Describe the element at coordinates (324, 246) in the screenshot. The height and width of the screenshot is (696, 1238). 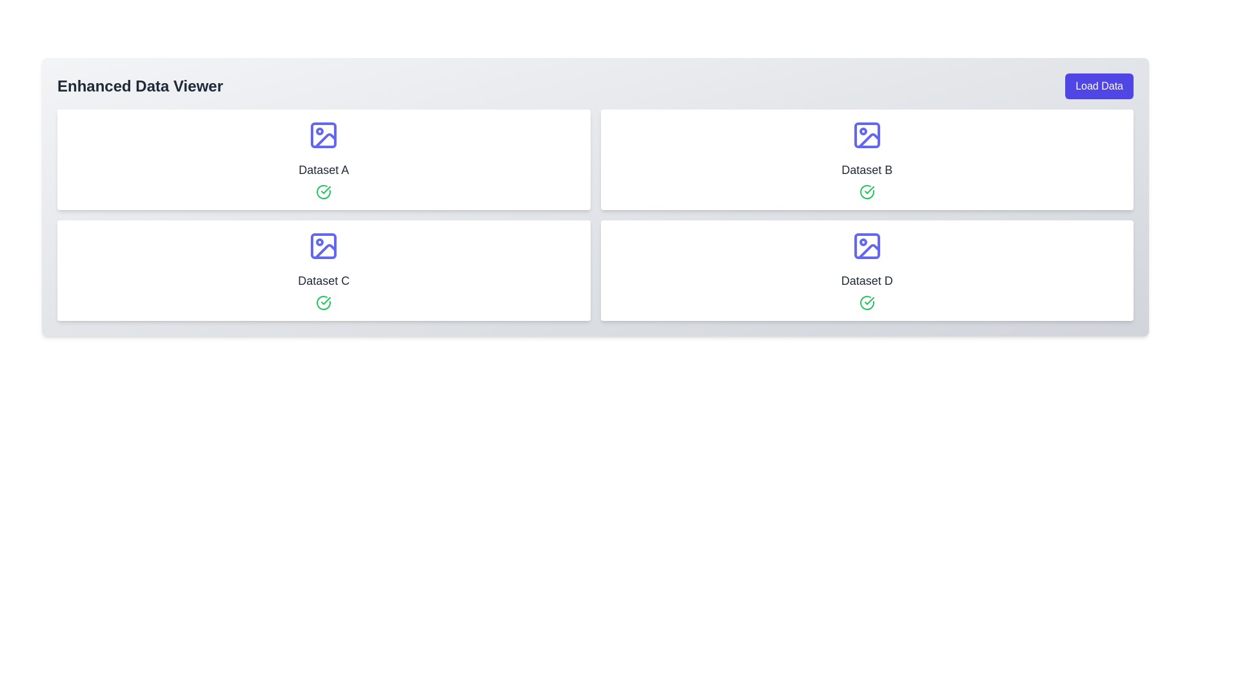
I see `the blue icon representing the sun or moon located at the top center of the card labeled 'Dataset C', which is the third card in the grid` at that location.